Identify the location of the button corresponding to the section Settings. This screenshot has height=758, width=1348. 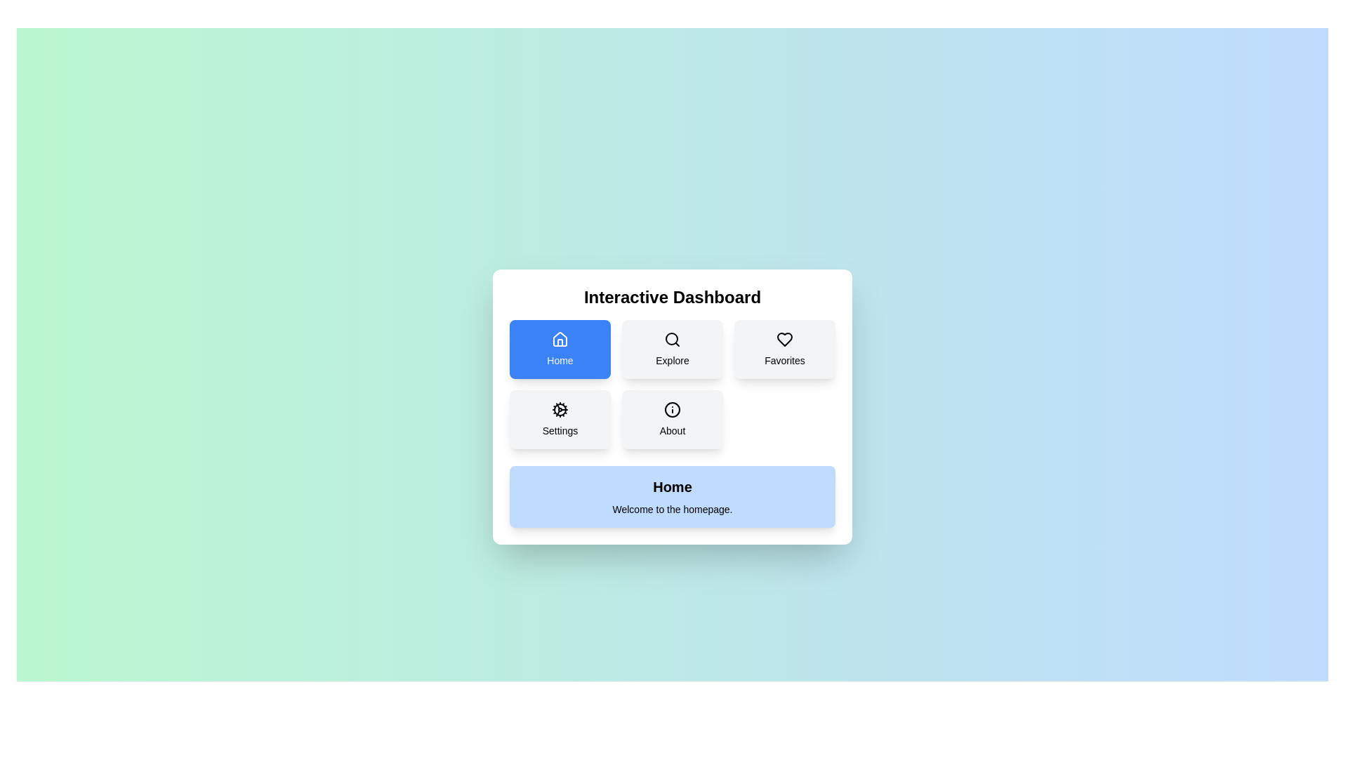
(559, 418).